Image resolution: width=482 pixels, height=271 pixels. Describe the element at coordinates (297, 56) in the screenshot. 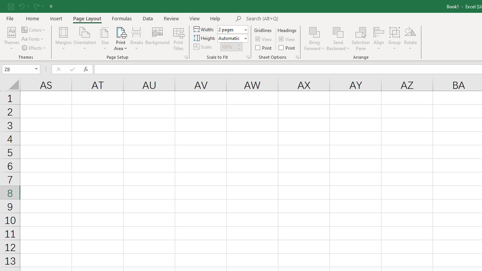

I see `'Sheet Options'` at that location.